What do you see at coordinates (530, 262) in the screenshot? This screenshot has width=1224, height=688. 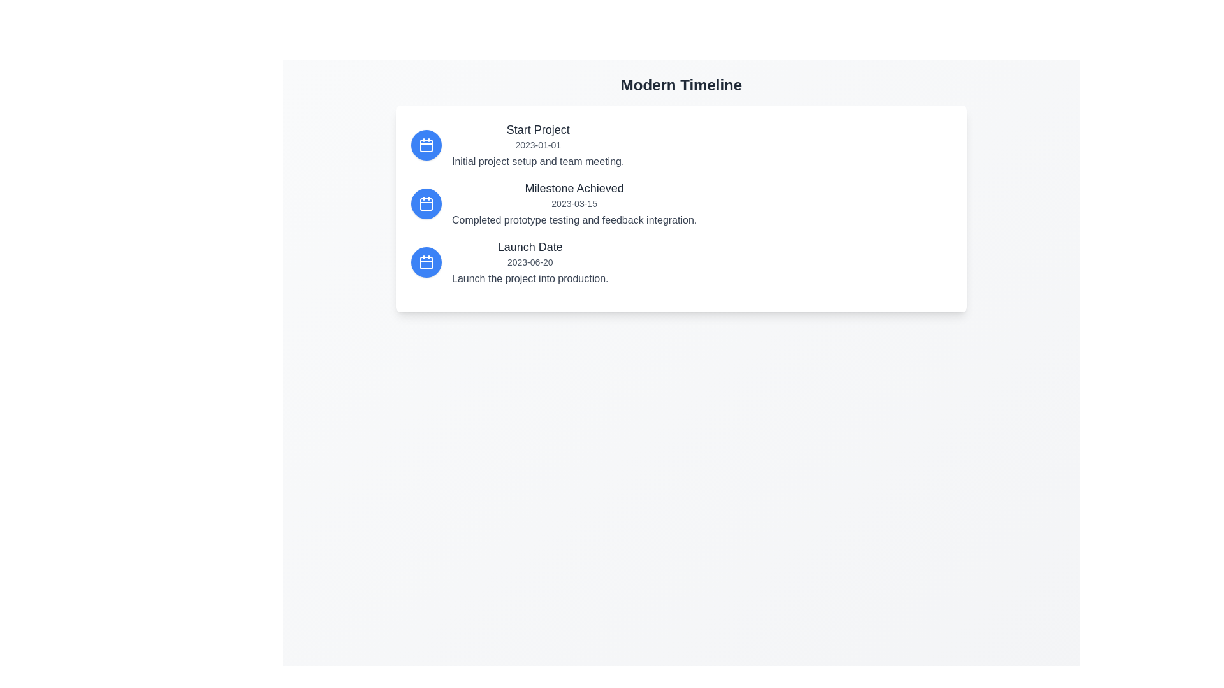 I see `information from the textual block containing 'Launch Date', the date '2023-06-20', and the description 'Launch the project into production.'` at bounding box center [530, 262].